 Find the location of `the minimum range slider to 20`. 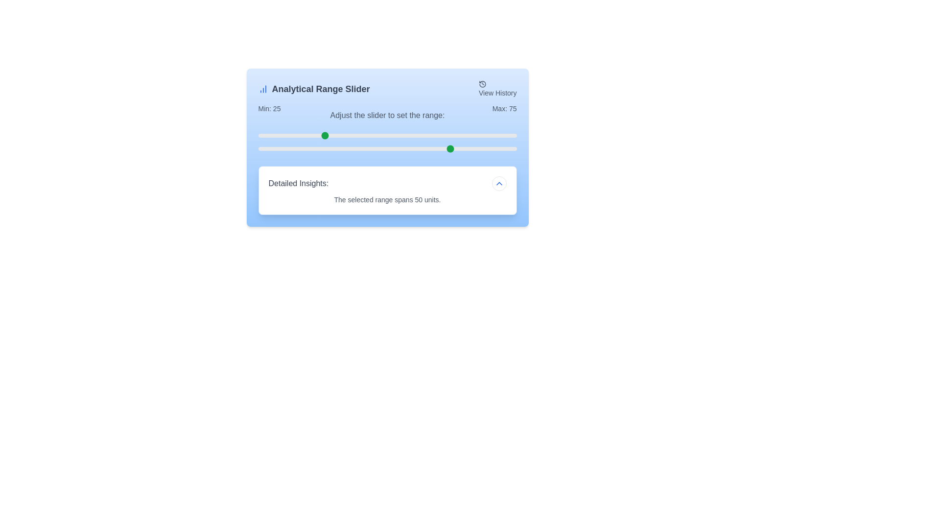

the minimum range slider to 20 is located at coordinates (309, 136).